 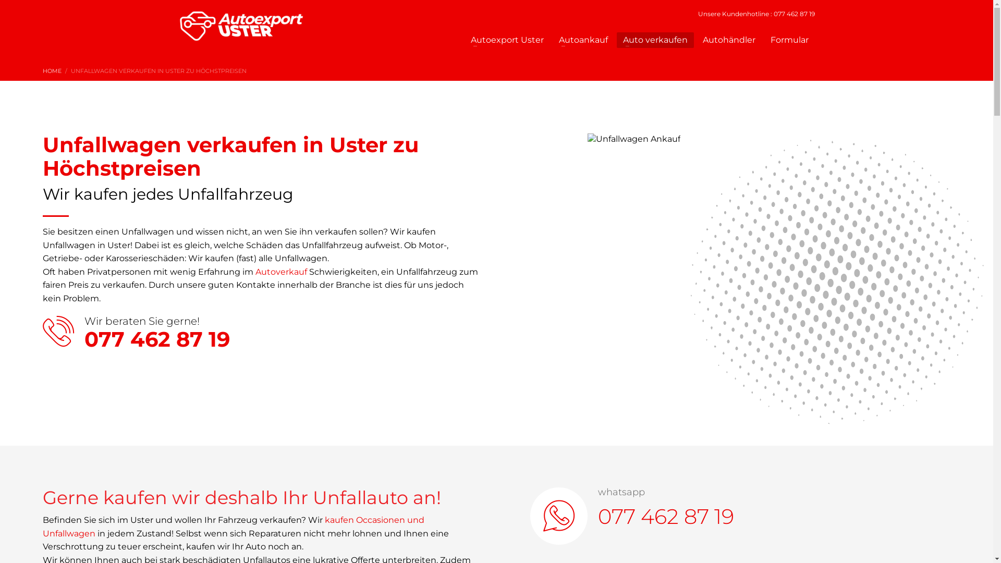 What do you see at coordinates (506, 40) in the screenshot?
I see `'Autoexport Uster'` at bounding box center [506, 40].